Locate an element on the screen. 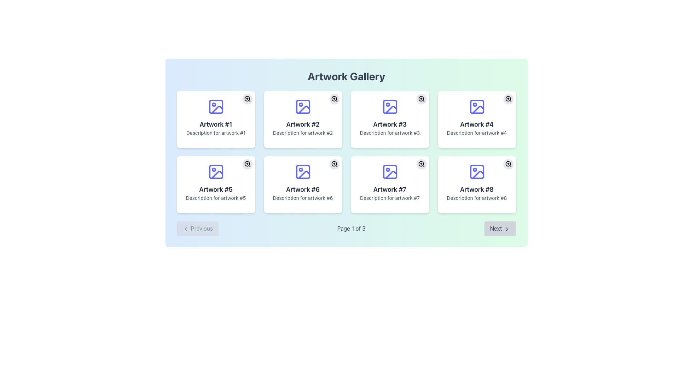  the directional indicator icon located in the bottom left corner of the interface, to the left of the 'Previous' text button is located at coordinates (186, 229).